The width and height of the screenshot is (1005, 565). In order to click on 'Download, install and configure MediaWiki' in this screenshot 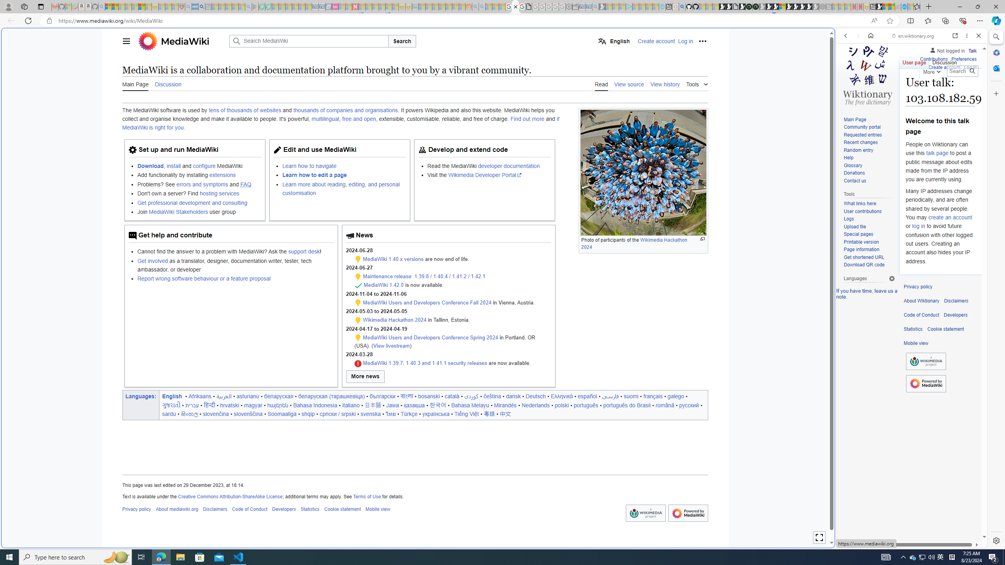, I will do `click(198, 165)`.